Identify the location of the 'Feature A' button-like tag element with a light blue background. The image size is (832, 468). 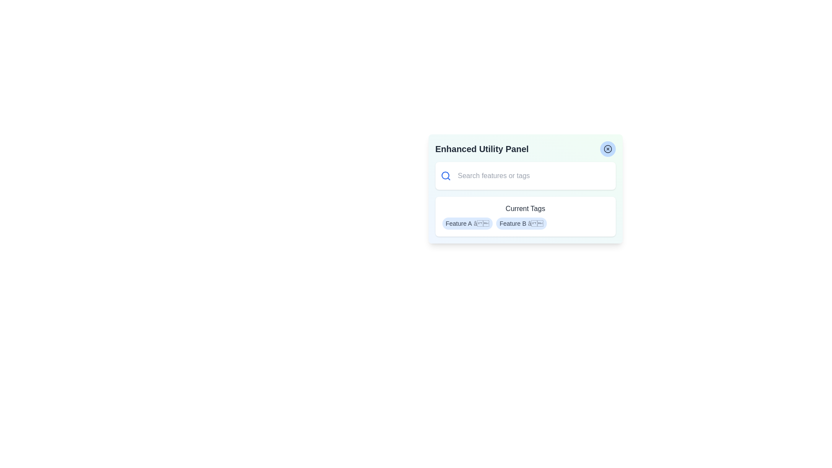
(467, 223).